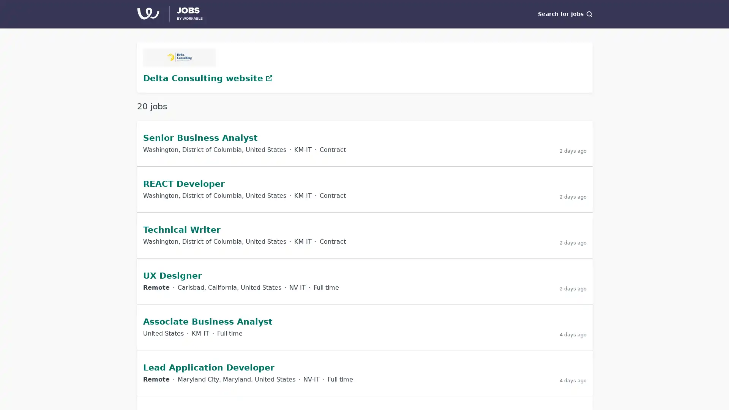 This screenshot has height=410, width=729. What do you see at coordinates (208, 321) in the screenshot?
I see `Associate Business Analyst` at bounding box center [208, 321].